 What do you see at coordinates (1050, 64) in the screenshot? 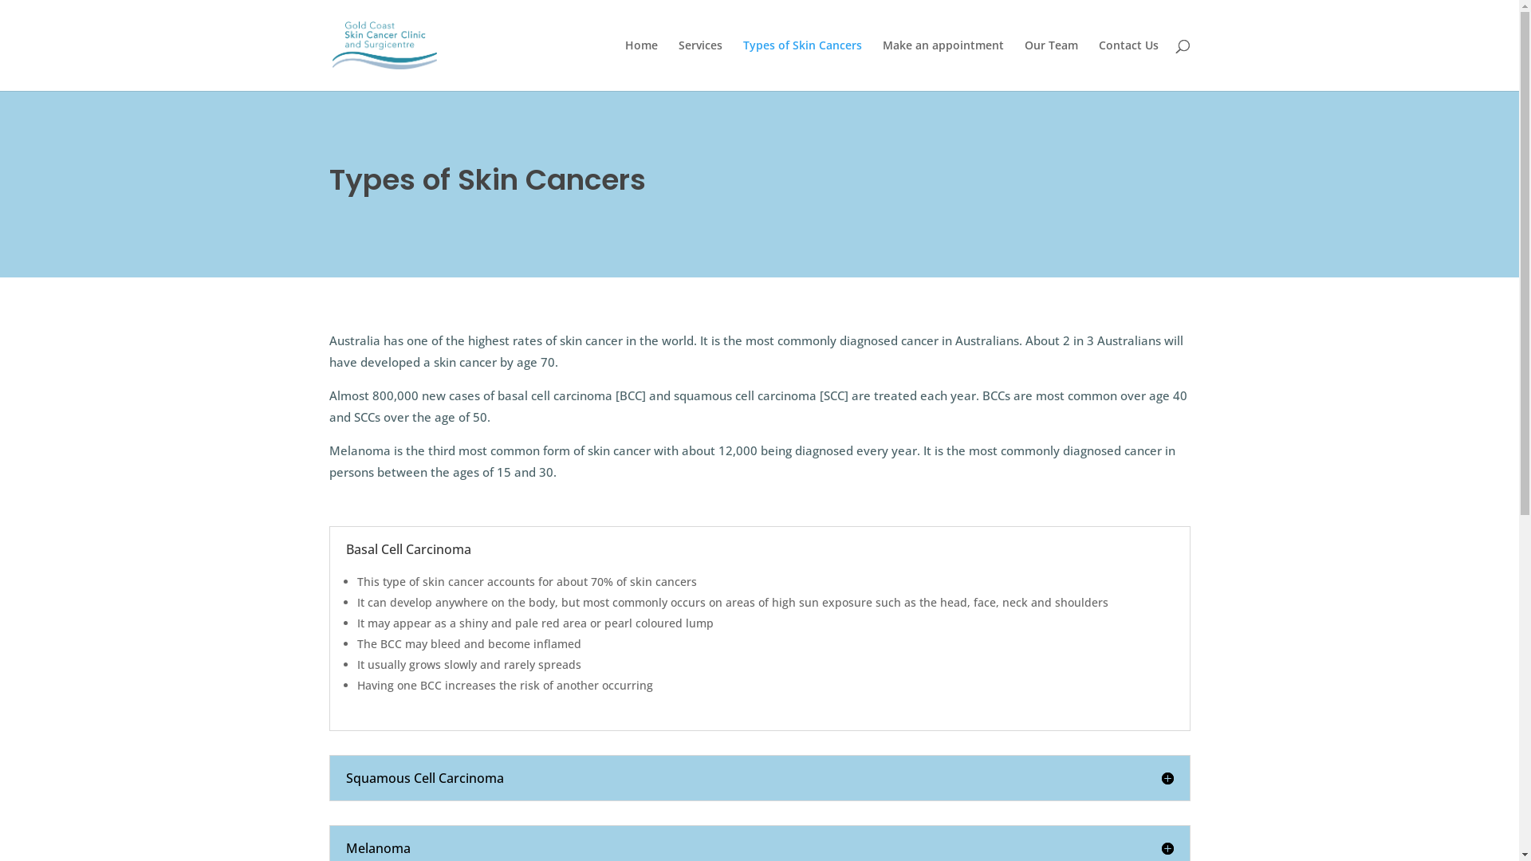
I see `'Our Team'` at bounding box center [1050, 64].